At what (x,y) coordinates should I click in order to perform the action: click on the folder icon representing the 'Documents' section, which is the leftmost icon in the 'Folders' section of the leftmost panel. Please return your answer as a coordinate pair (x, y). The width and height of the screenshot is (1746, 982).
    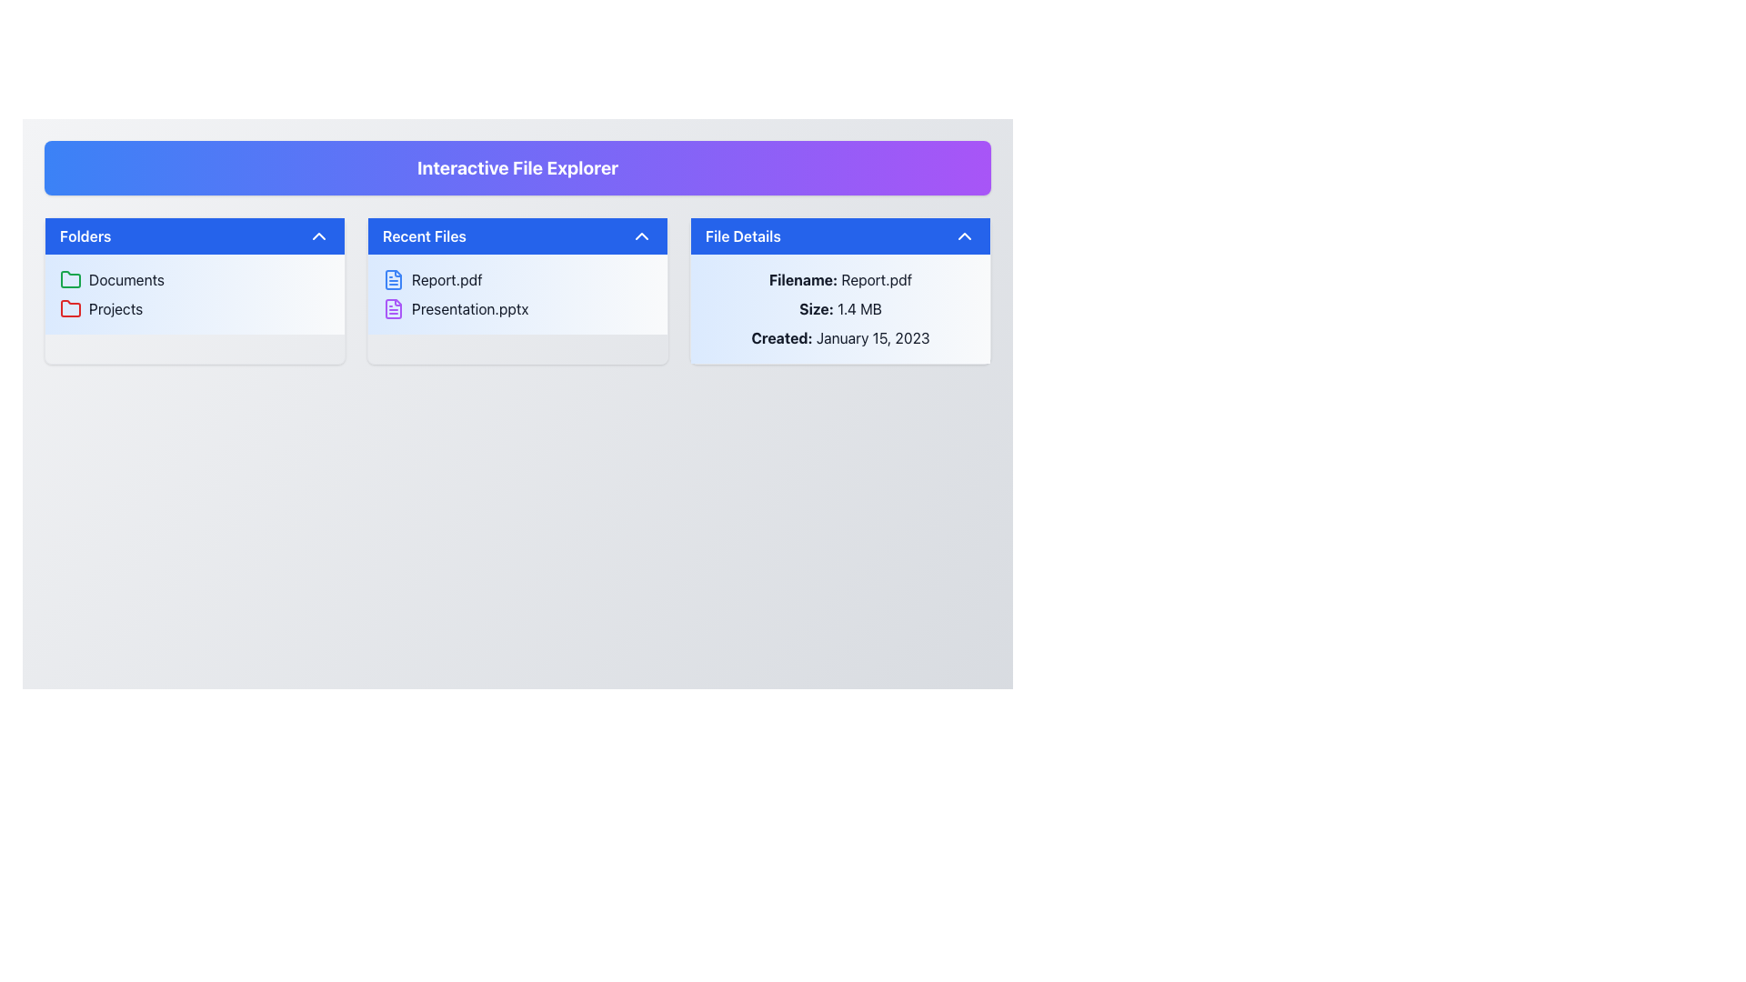
    Looking at the image, I should click on (70, 280).